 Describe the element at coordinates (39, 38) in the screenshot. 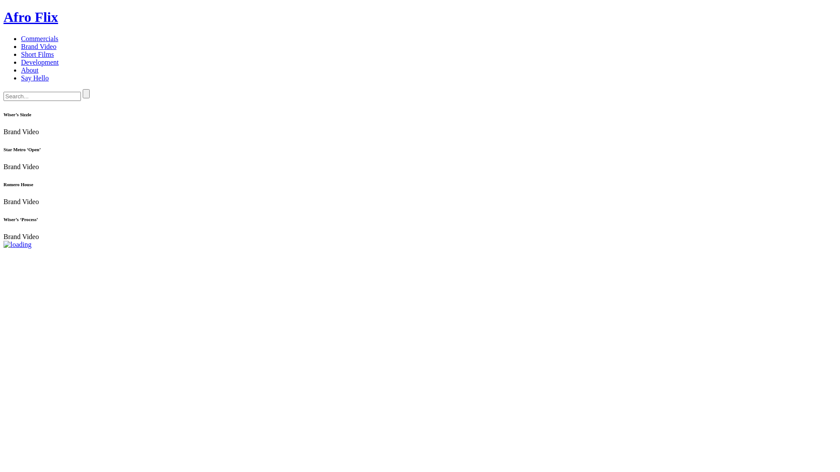

I see `'Commercials'` at that location.